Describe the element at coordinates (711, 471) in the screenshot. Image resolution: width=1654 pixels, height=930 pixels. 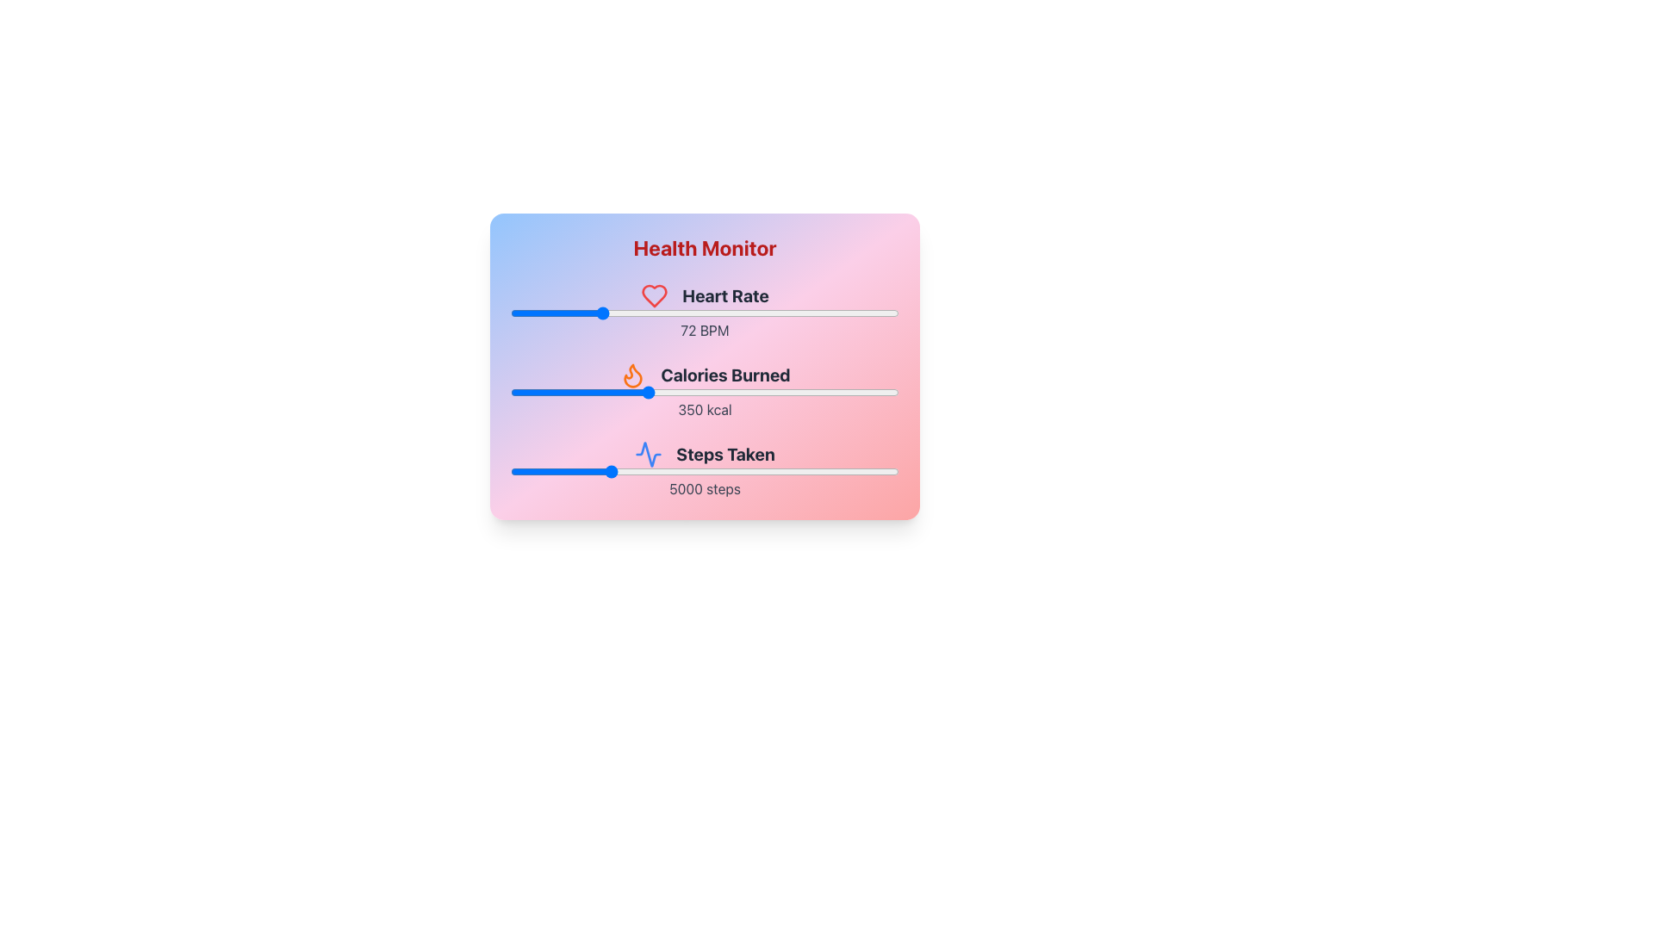
I see `the step count` at that location.